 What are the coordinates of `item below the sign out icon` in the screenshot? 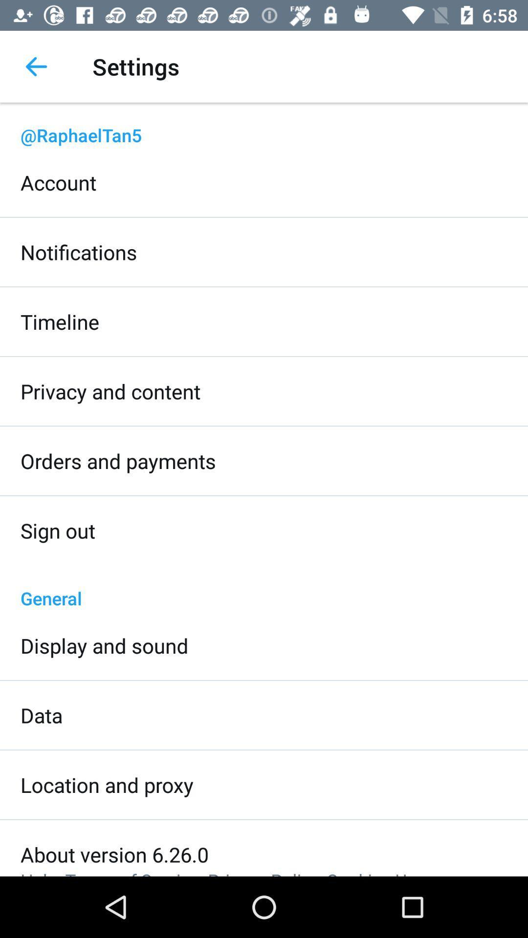 It's located at (264, 587).